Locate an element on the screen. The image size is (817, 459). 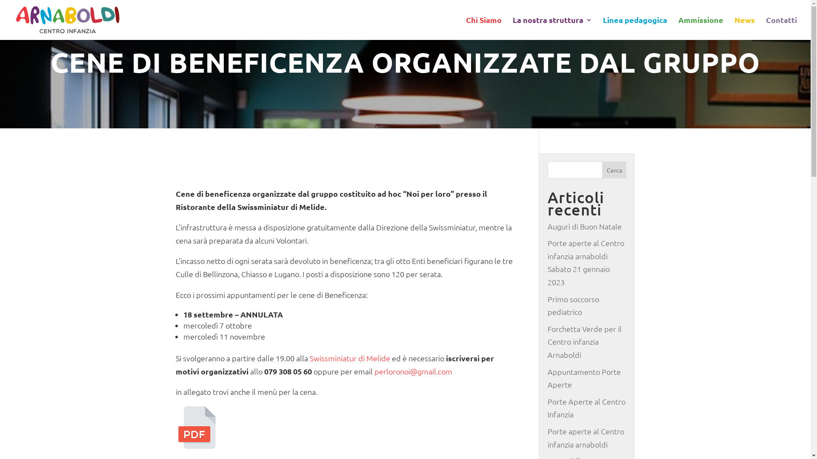
'Porte aperte al Centro infanzia arnaboldi' is located at coordinates (586, 437).